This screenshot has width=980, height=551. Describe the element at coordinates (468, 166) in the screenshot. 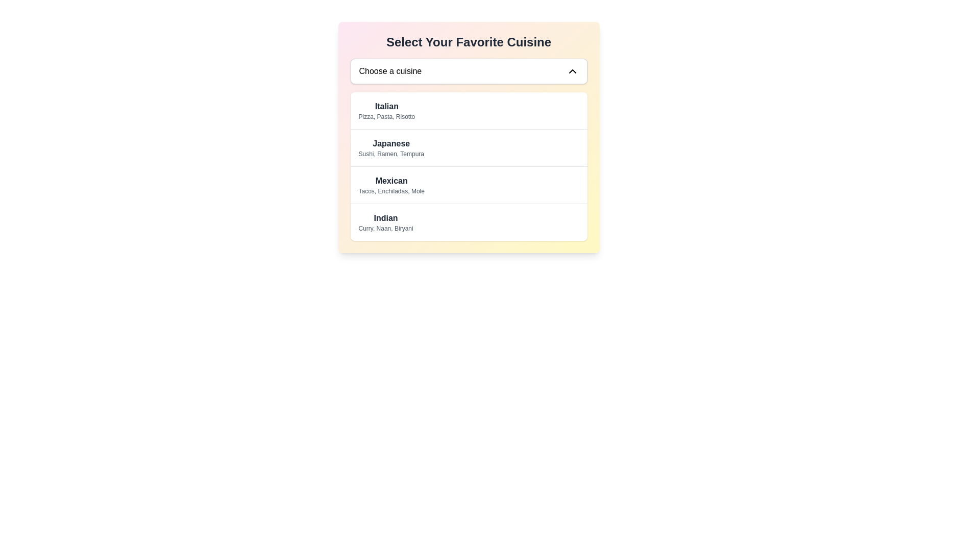

I see `the cuisine segment in the list component` at that location.